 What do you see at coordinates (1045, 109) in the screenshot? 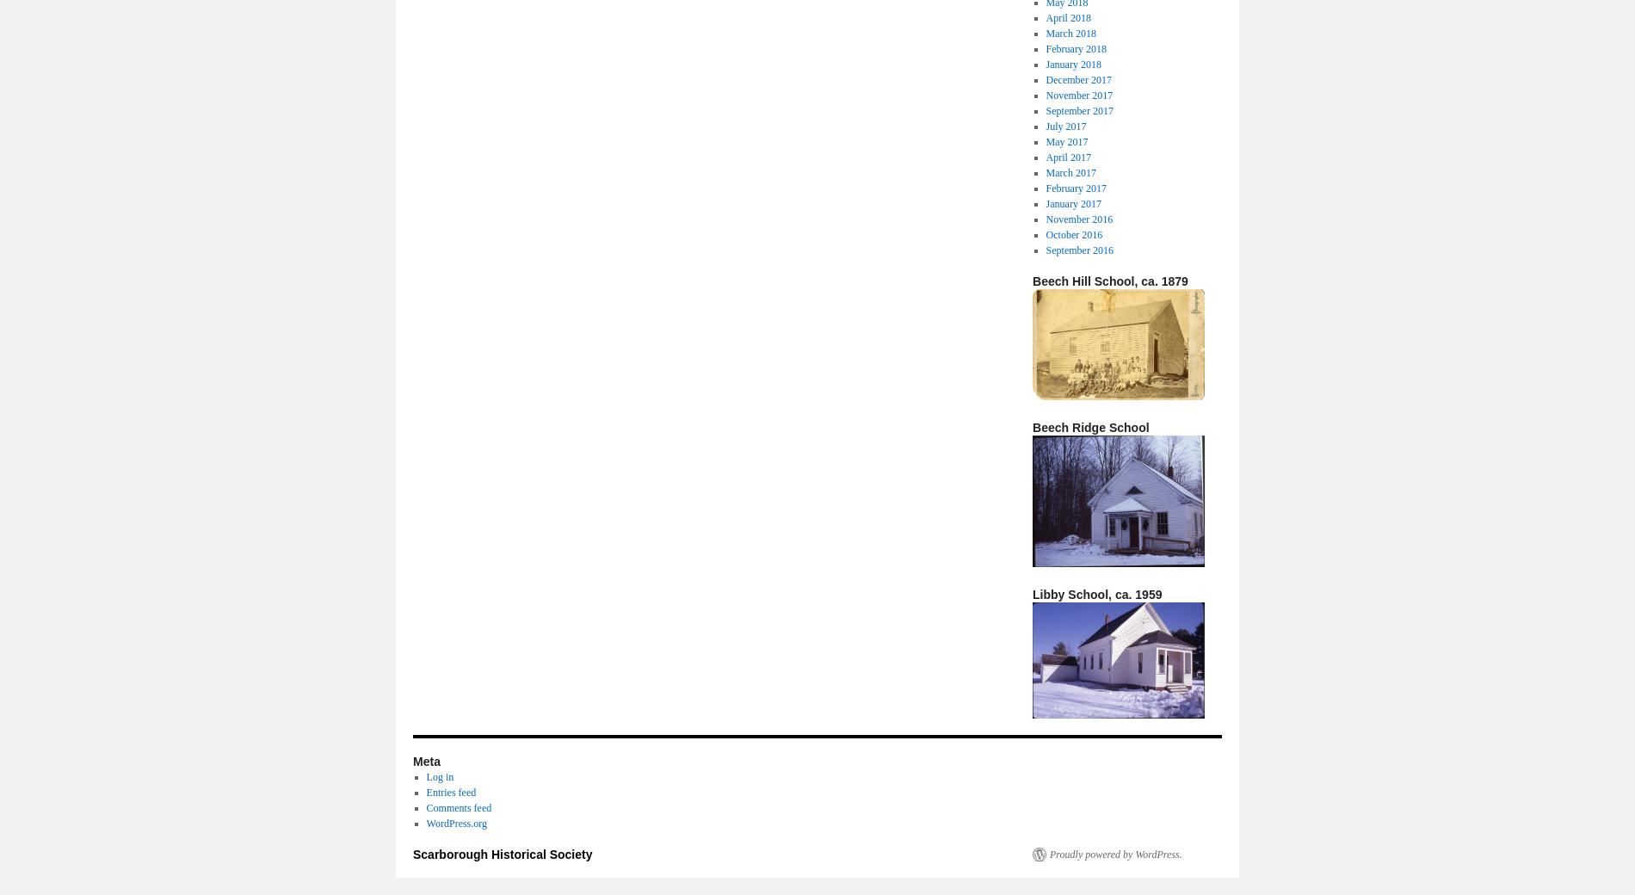
I see `'September 2017'` at bounding box center [1045, 109].